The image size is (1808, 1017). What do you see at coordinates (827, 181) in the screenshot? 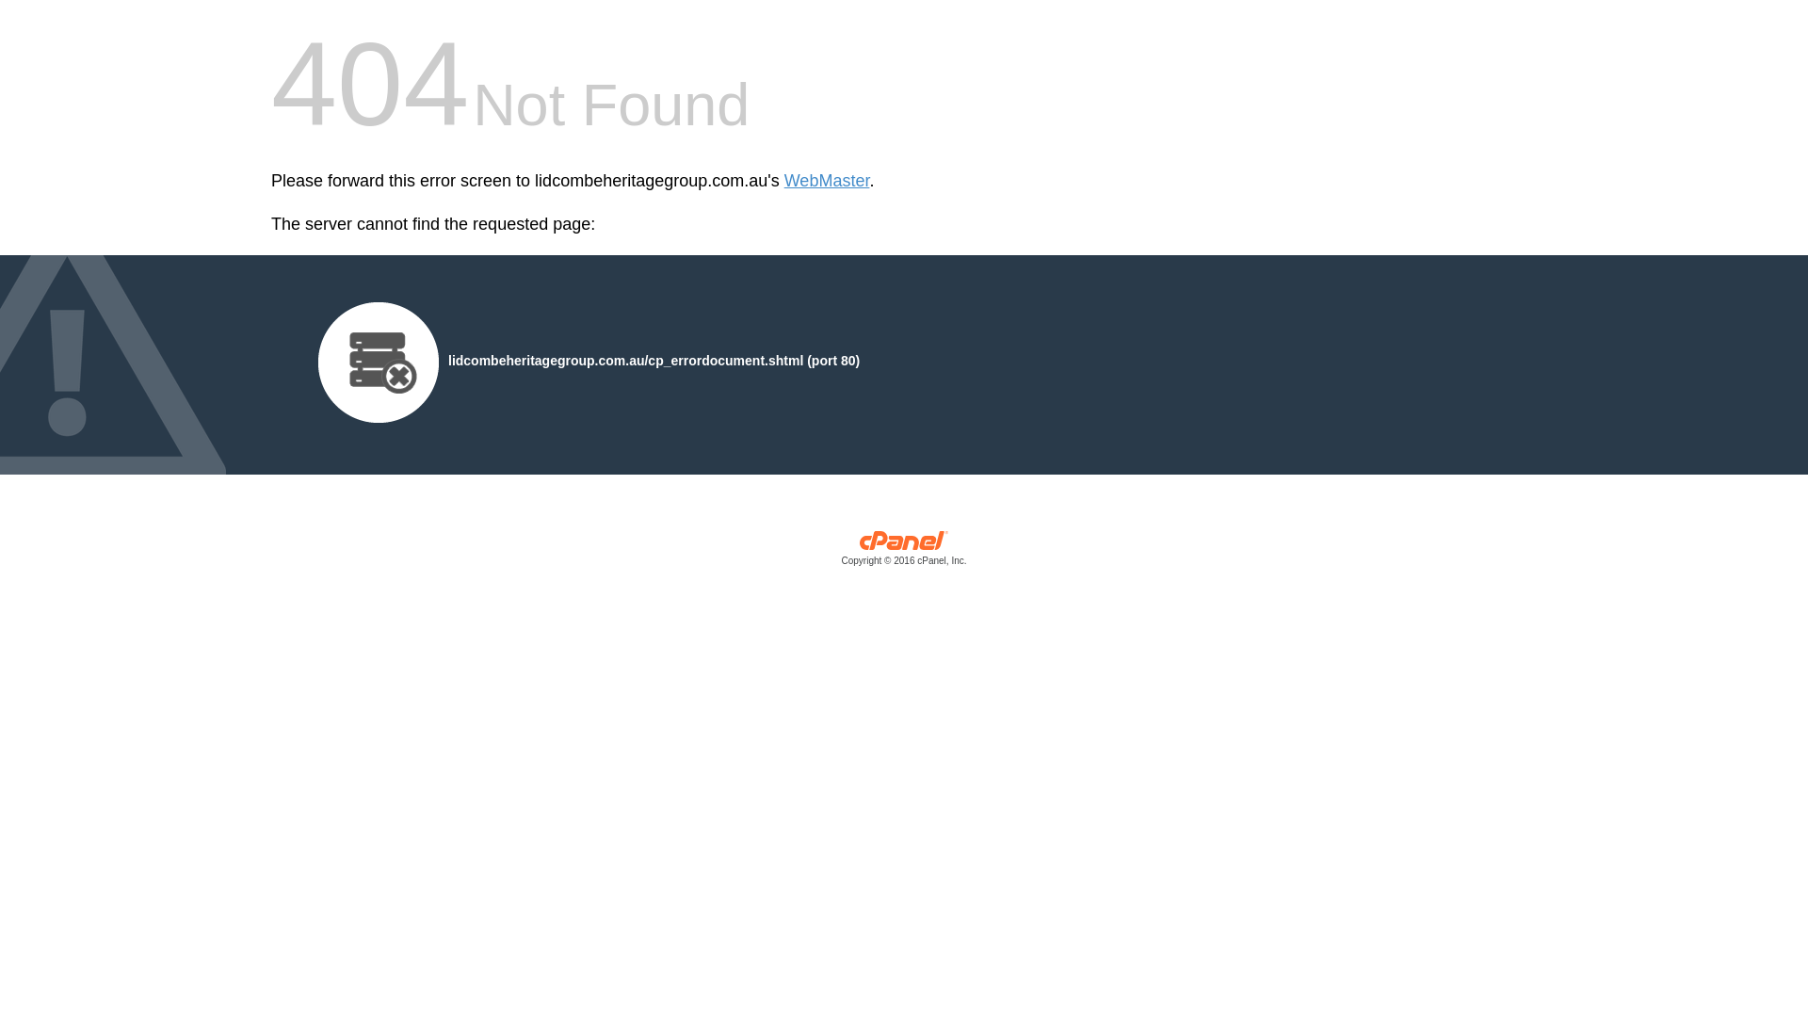
I see `'WebMaster'` at bounding box center [827, 181].